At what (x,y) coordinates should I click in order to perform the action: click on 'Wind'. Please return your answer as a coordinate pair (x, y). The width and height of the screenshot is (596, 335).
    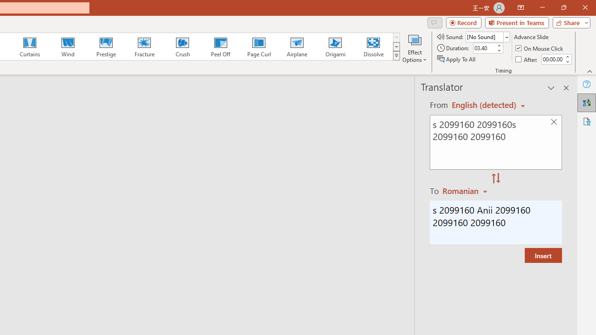
    Looking at the image, I should click on (67, 47).